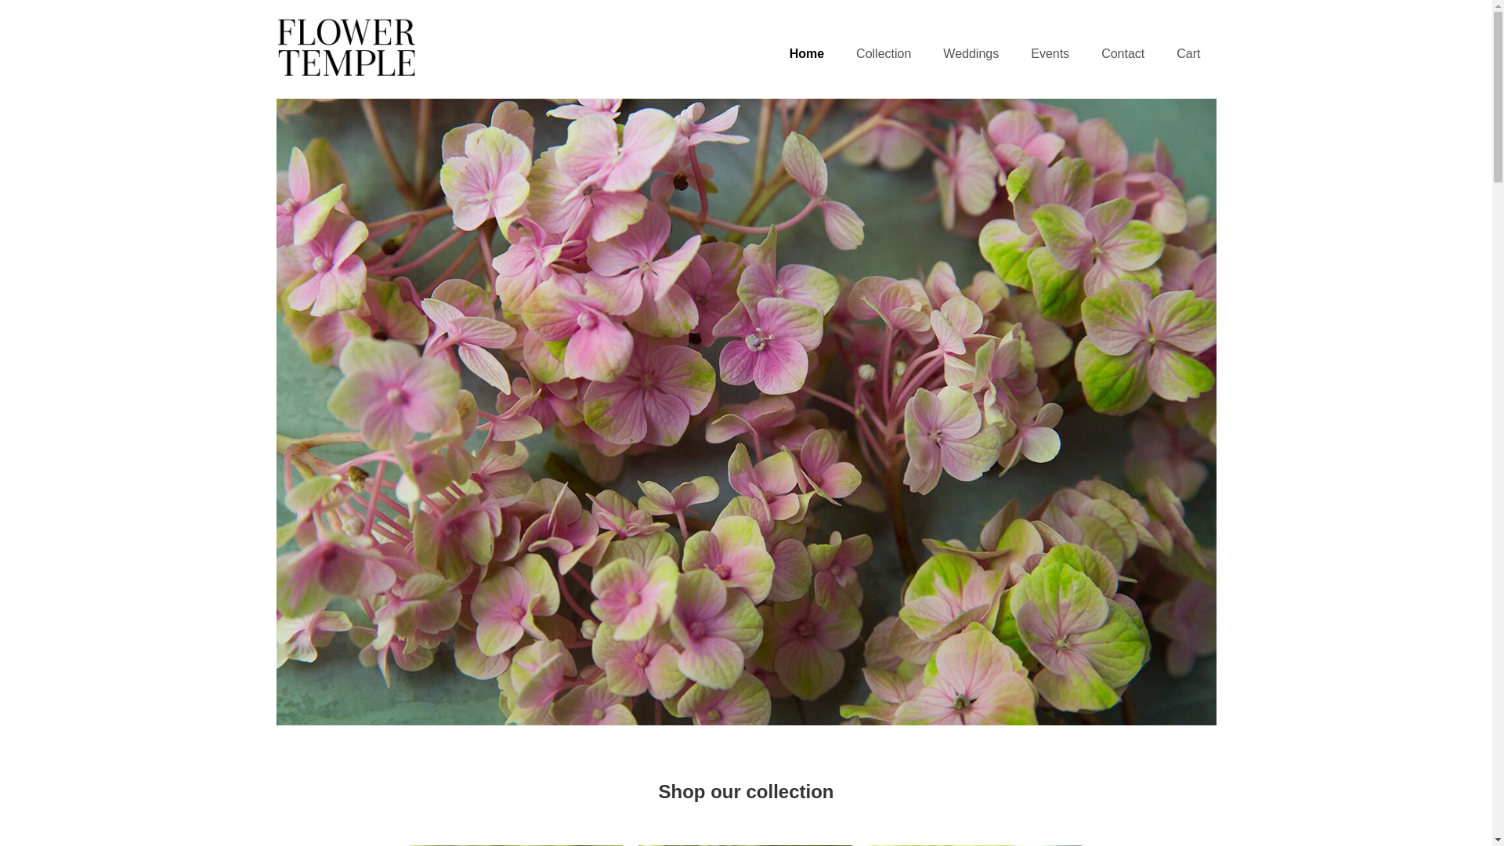  What do you see at coordinates (746, 791) in the screenshot?
I see `'Shop our collection'` at bounding box center [746, 791].